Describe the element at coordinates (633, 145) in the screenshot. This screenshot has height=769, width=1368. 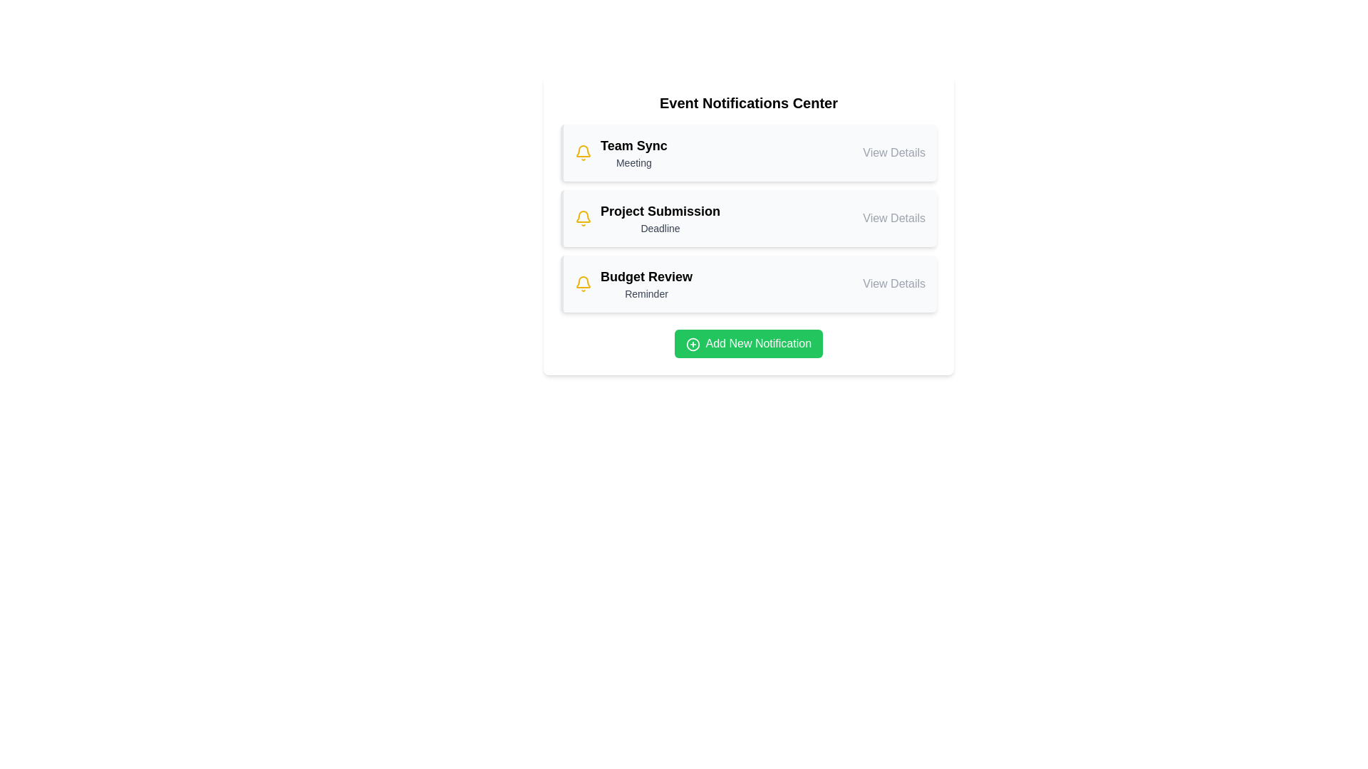
I see `the 'Team Sync' text element located in the first notification card under 'Event Notifications Center'` at that location.